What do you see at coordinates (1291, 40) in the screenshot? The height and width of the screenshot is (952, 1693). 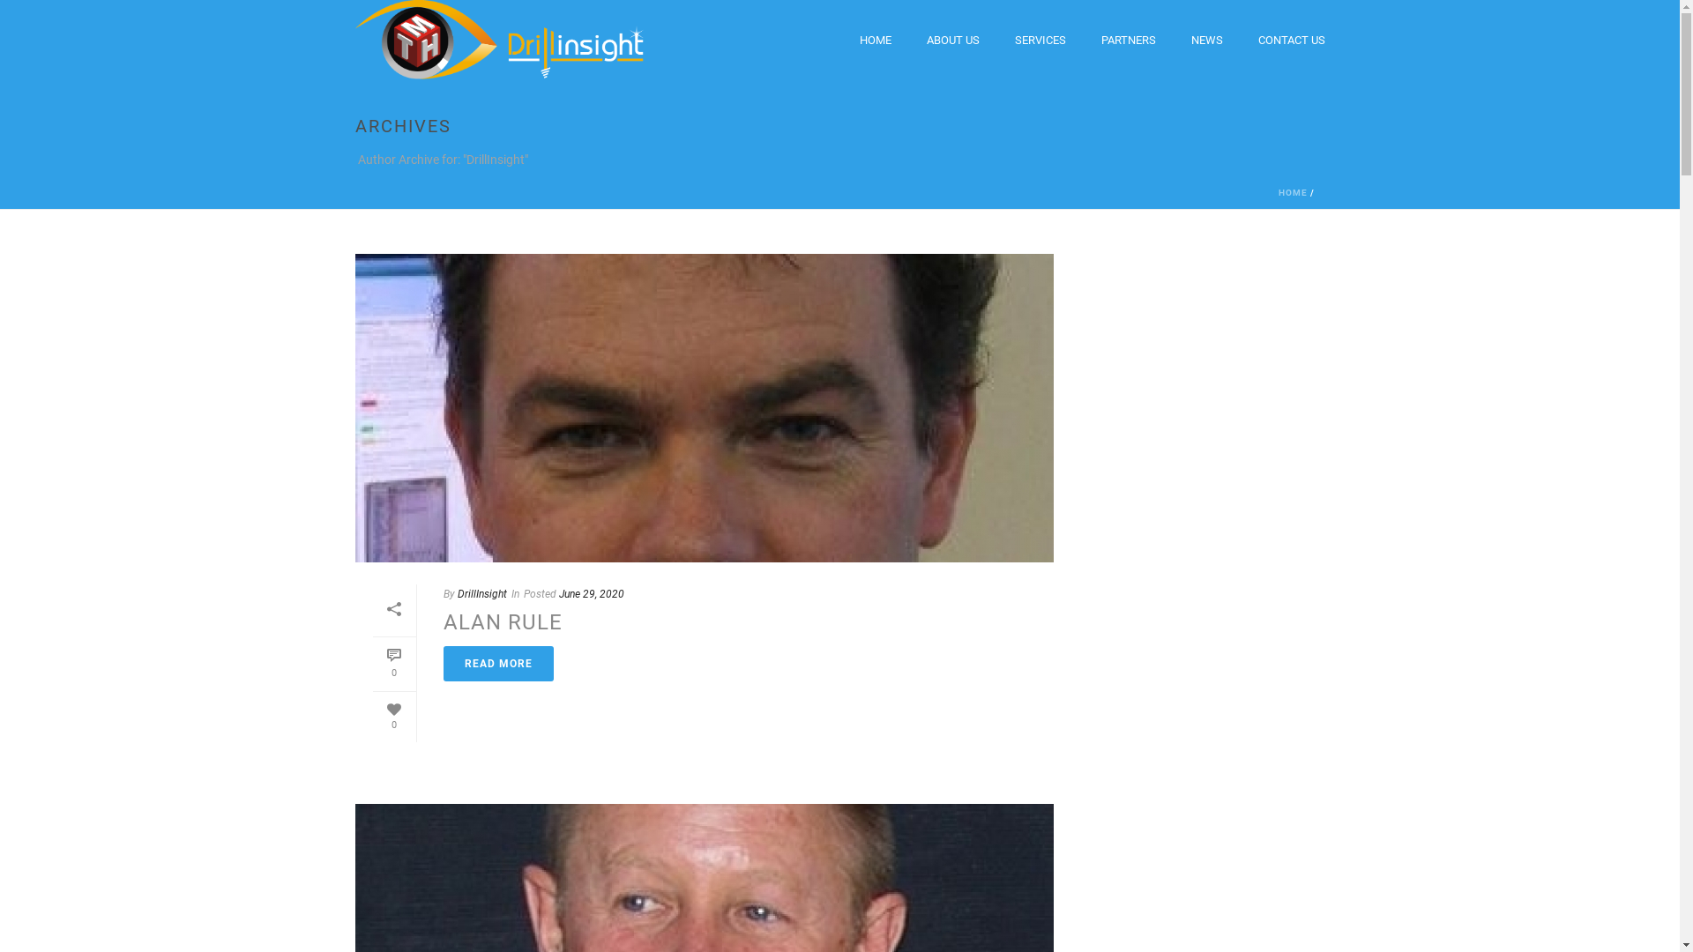 I see `'CONTACT US'` at bounding box center [1291, 40].